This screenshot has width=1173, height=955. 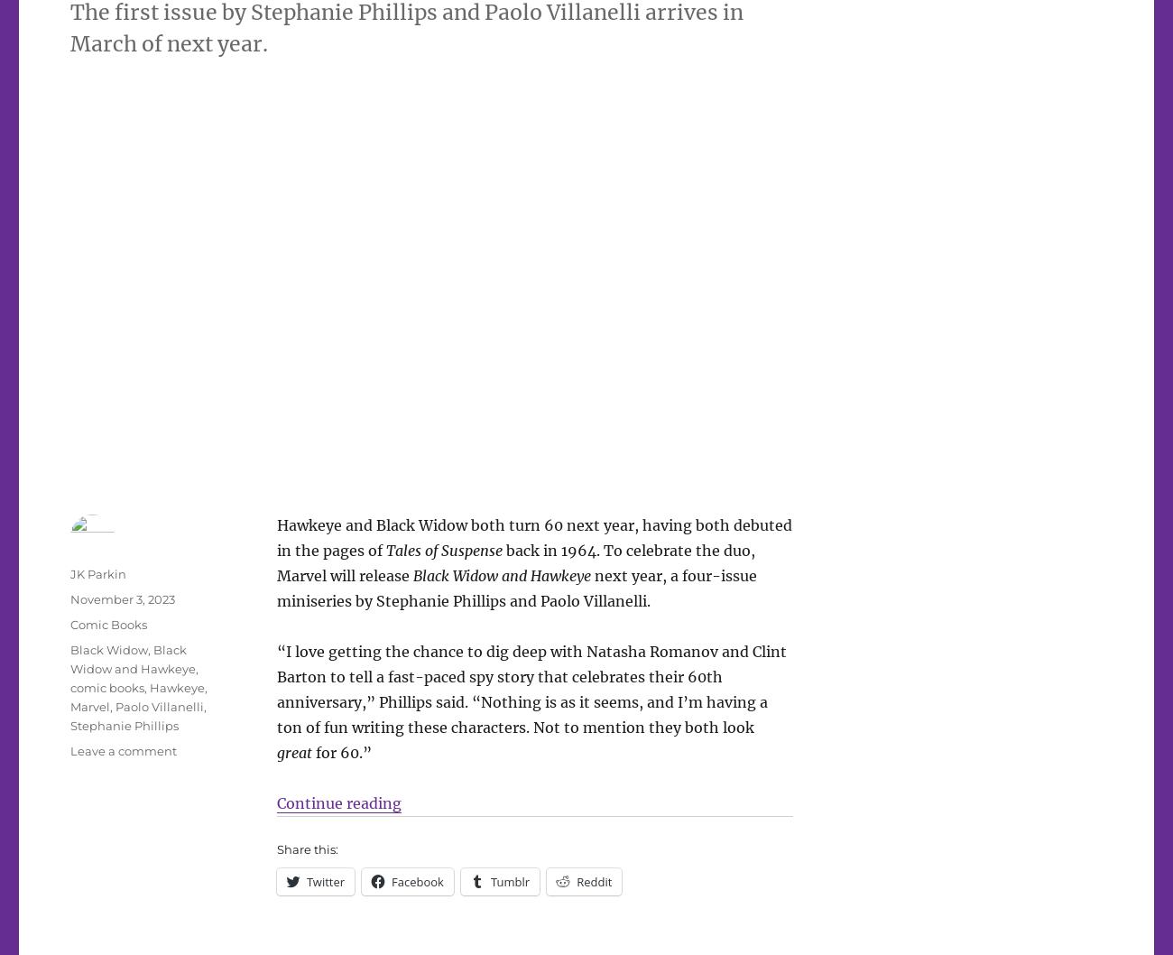 I want to click on 'Twitter', so click(x=324, y=880).